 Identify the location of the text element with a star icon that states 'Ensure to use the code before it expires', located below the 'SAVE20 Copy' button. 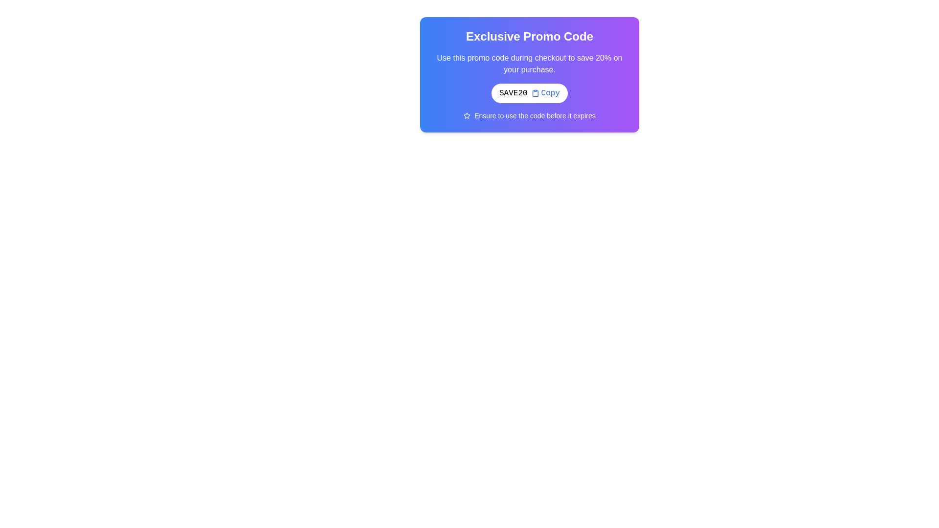
(529, 115).